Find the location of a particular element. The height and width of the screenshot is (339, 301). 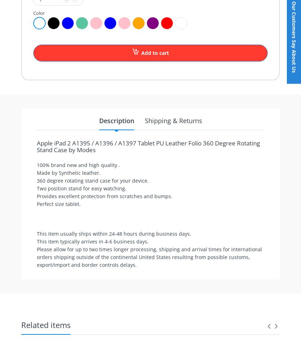

'Please allow for up to two times longer processing, shipping and arrival times for international orders shipping outside of the continental United States resulting from possible customs, export/import and border controls delays.' is located at coordinates (149, 257).